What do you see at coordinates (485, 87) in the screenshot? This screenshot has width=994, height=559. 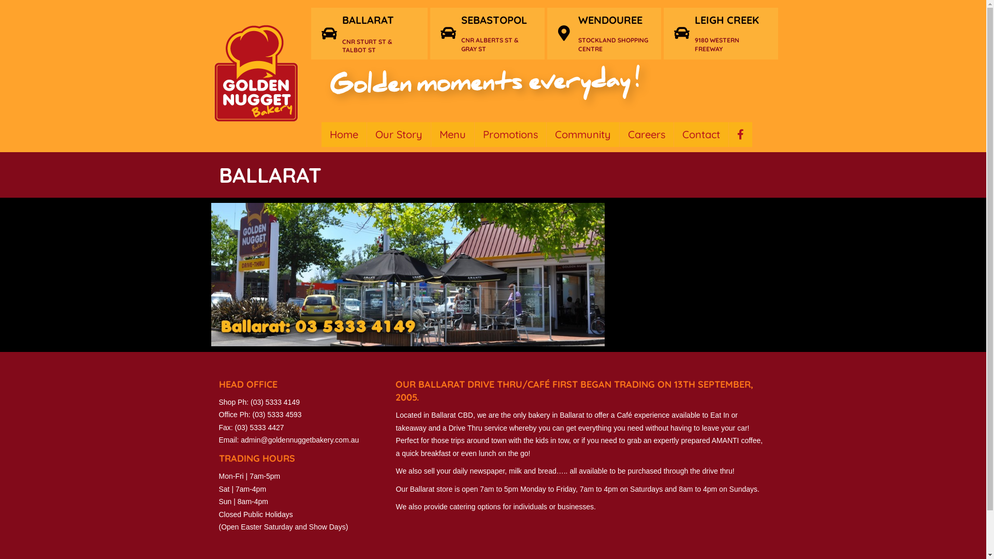 I see `'Golden Moments'` at bounding box center [485, 87].